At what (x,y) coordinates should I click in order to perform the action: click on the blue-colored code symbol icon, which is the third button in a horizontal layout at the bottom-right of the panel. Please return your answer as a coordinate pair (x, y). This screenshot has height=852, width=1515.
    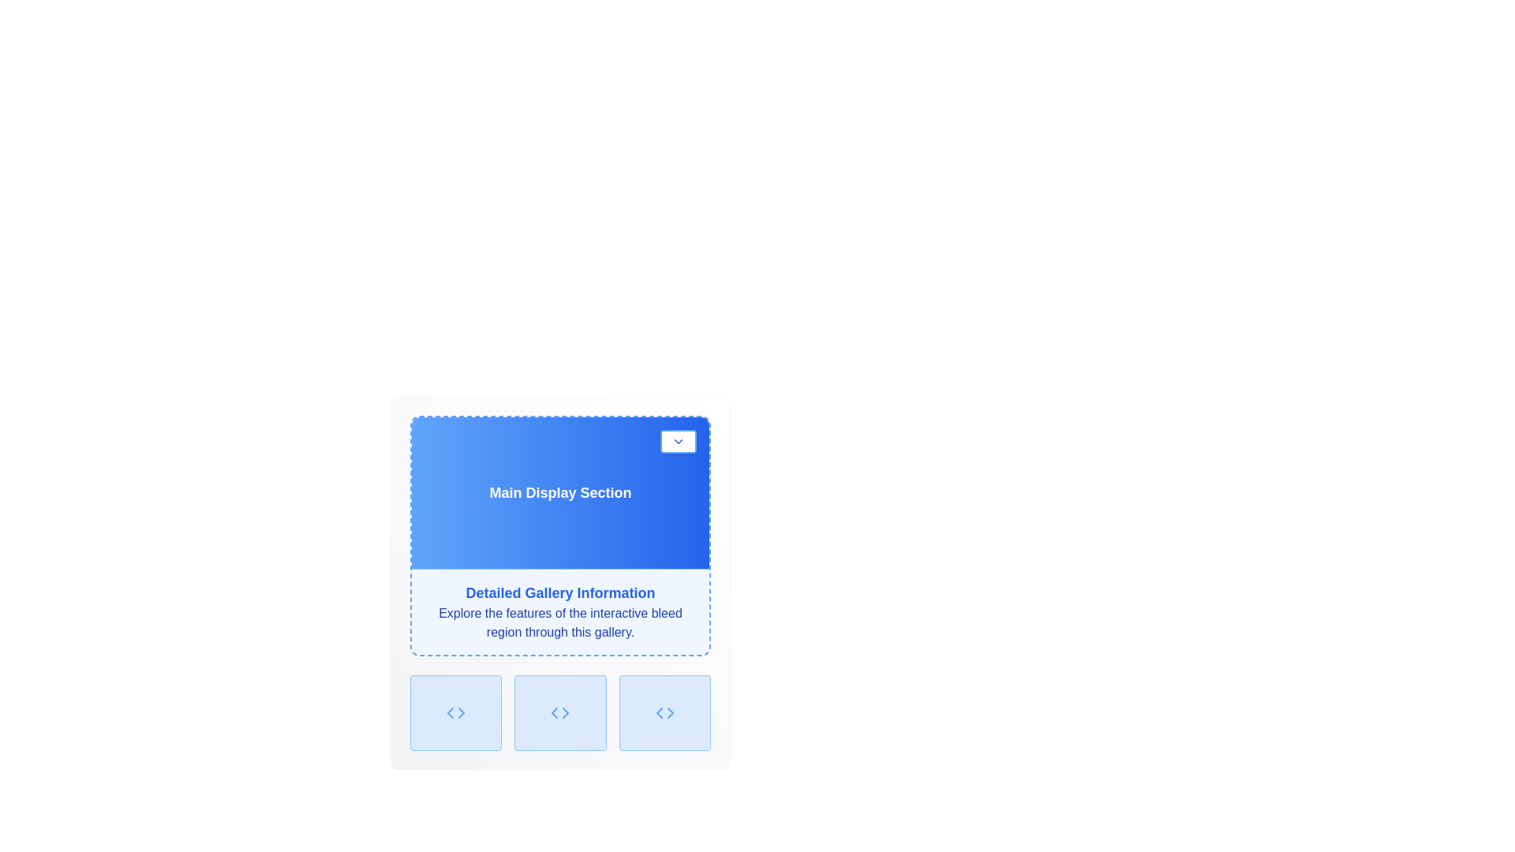
    Looking at the image, I should click on (664, 712).